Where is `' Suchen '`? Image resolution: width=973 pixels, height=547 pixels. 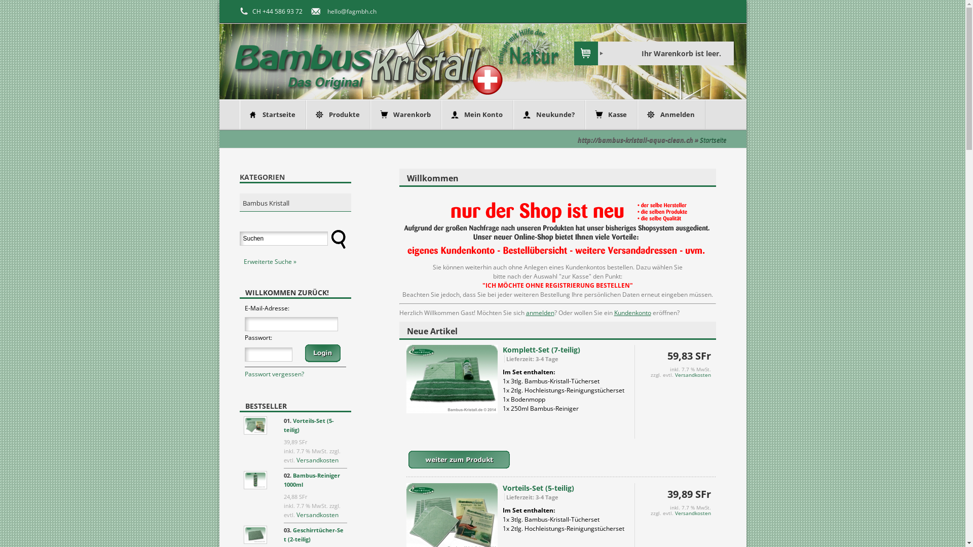 ' Suchen ' is located at coordinates (338, 239).